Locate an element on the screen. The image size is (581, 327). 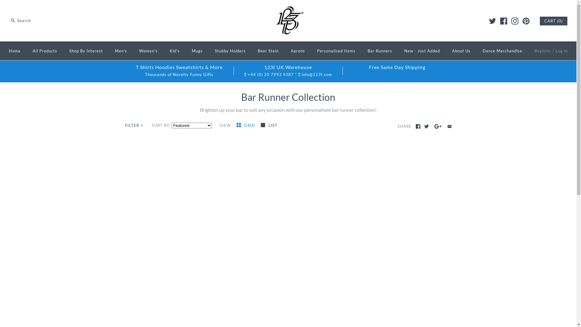
'FILTER +' is located at coordinates (134, 125).